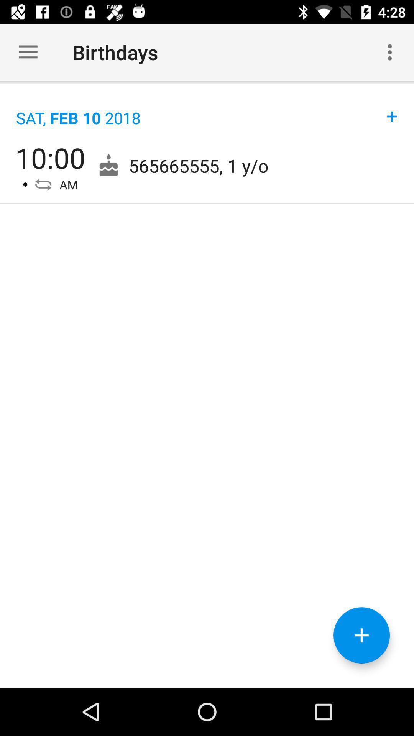  I want to click on item above 565665555 1 y item, so click(392, 108).